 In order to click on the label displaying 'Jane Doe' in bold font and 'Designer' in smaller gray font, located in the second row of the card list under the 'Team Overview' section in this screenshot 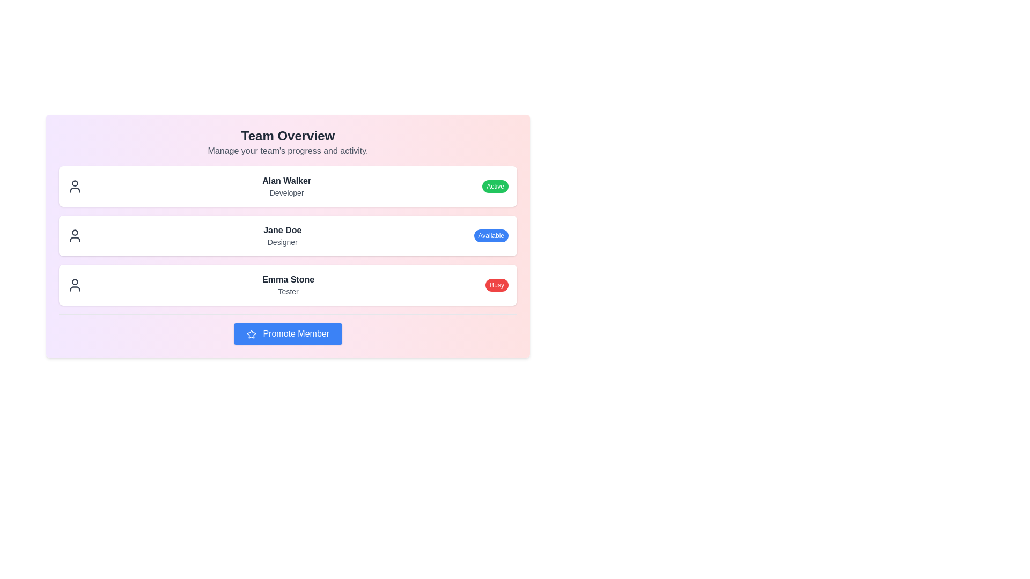, I will do `click(282, 235)`.